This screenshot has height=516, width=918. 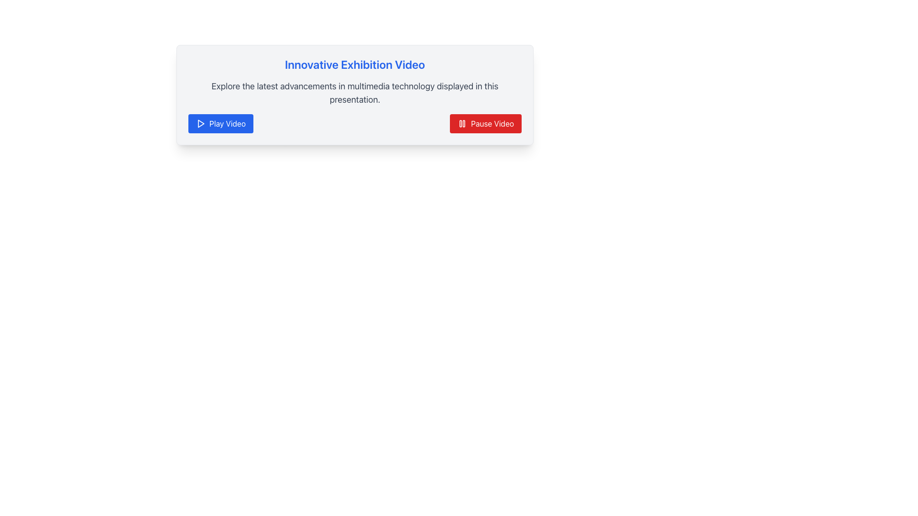 I want to click on the text block displaying gray-colored text that reads 'Explore the latest advancements in multimedia technology displayed in this presentation.' This text block is centrally located below the title 'Innovative Exhibition Video.', so click(x=354, y=93).